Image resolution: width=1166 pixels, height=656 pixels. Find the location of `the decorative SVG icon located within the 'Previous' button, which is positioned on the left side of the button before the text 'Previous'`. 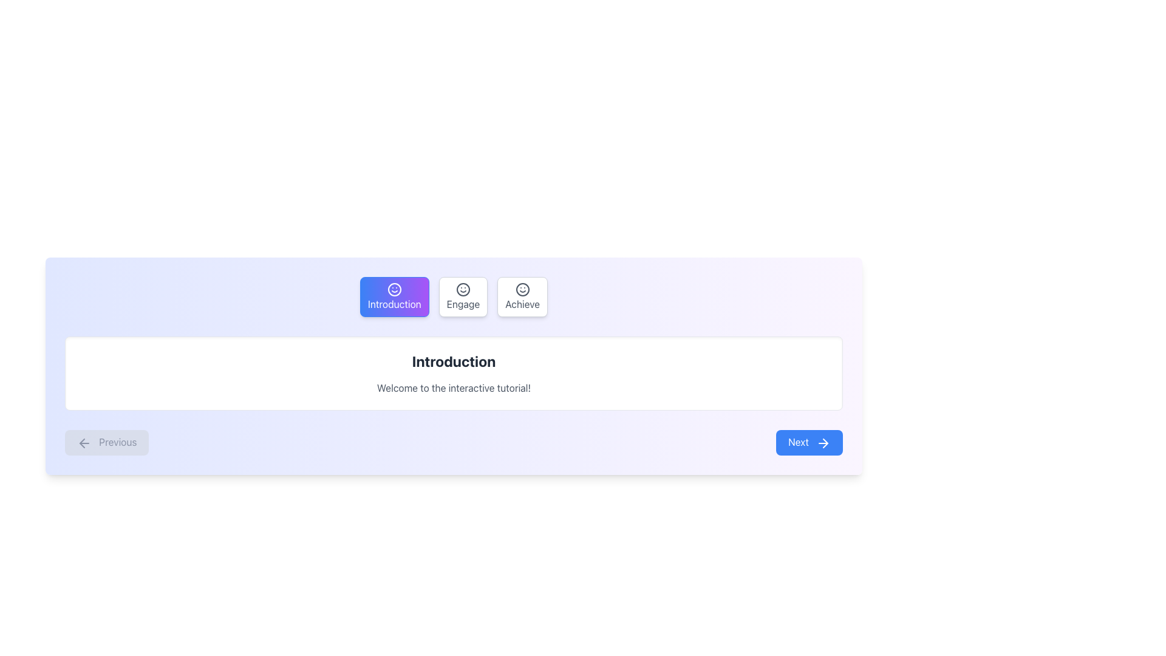

the decorative SVG icon located within the 'Previous' button, which is positioned on the left side of the button before the text 'Previous' is located at coordinates (84, 443).